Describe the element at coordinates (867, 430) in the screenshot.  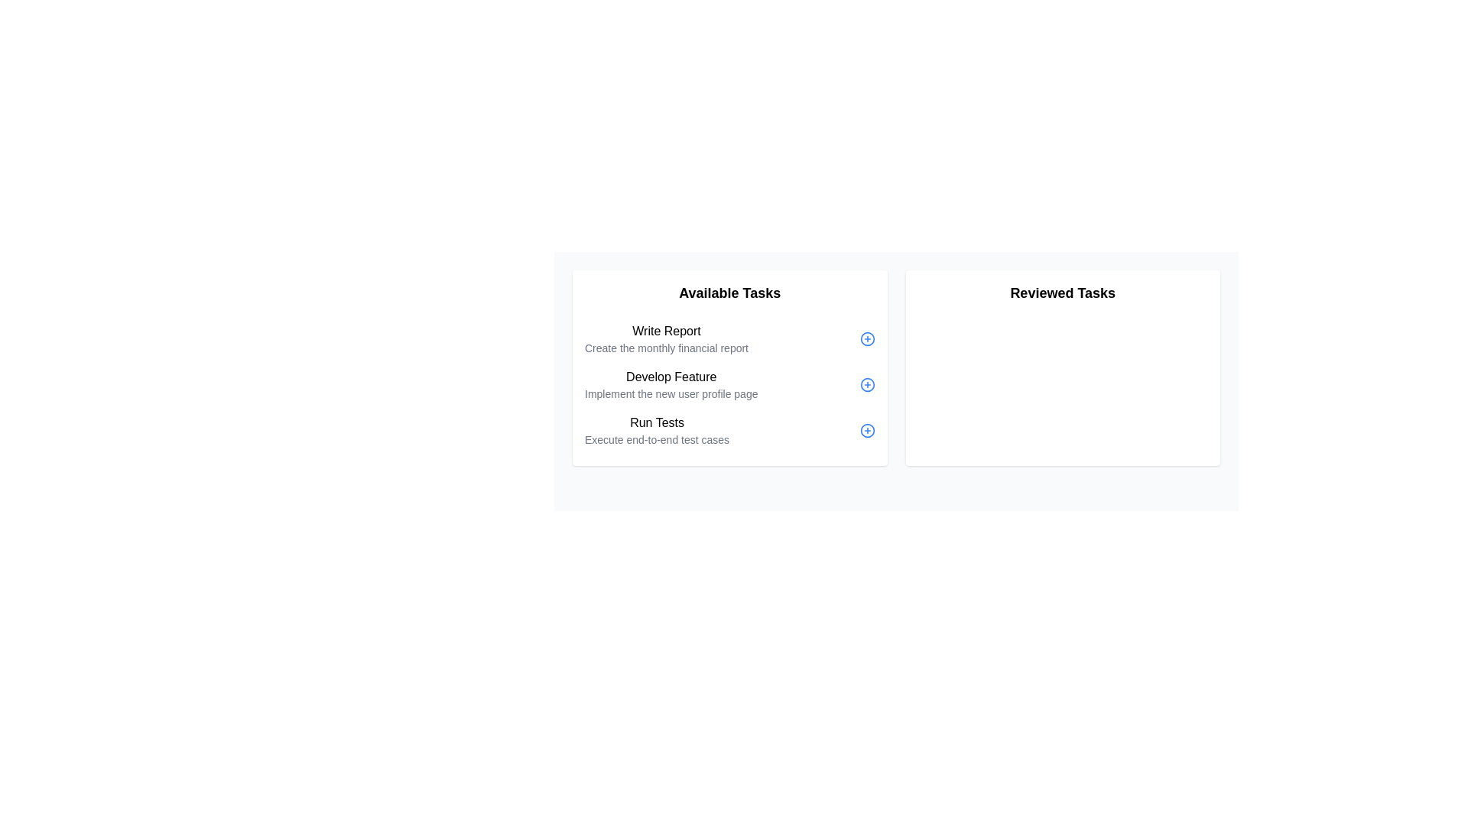
I see `the Circular Icon at the far-right end of the 'Run Tests' task entry` at that location.